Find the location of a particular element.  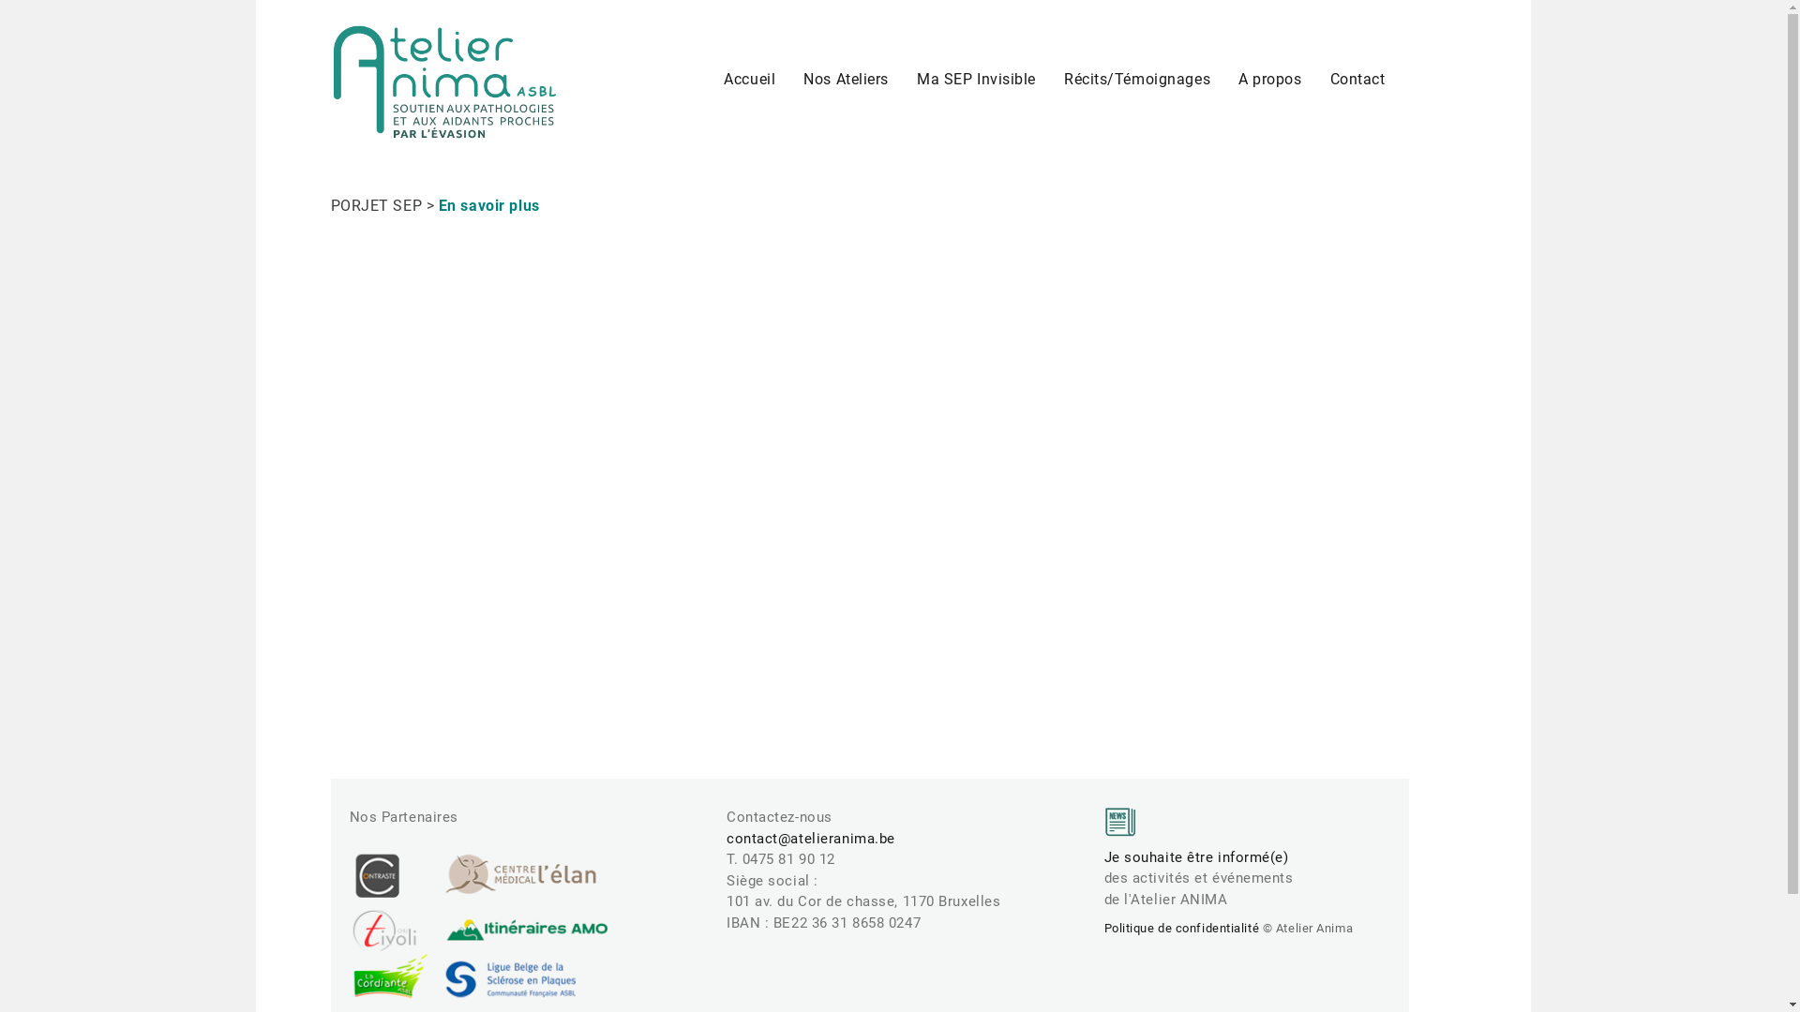

'A propos' is located at coordinates (1223, 78).